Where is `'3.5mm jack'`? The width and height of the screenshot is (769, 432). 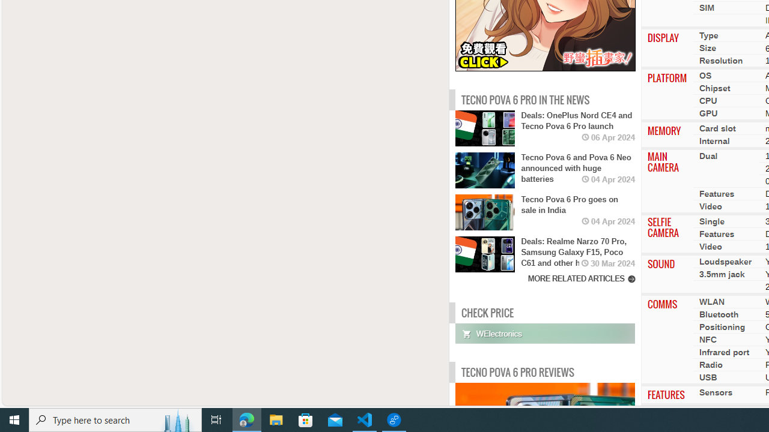 '3.5mm jack' is located at coordinates (721, 274).